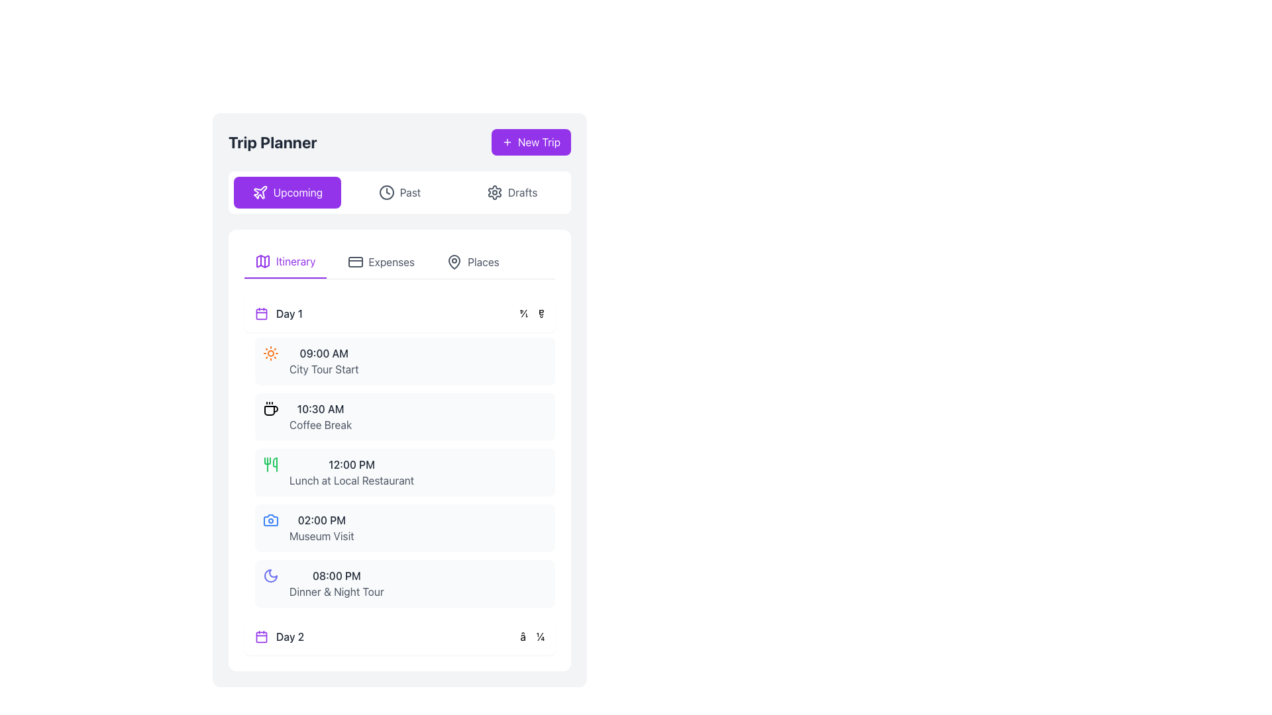 The width and height of the screenshot is (1272, 715). Describe the element at coordinates (284, 262) in the screenshot. I see `the 'Itinerary' tab, which features a map icon and has a purple border and text` at that location.